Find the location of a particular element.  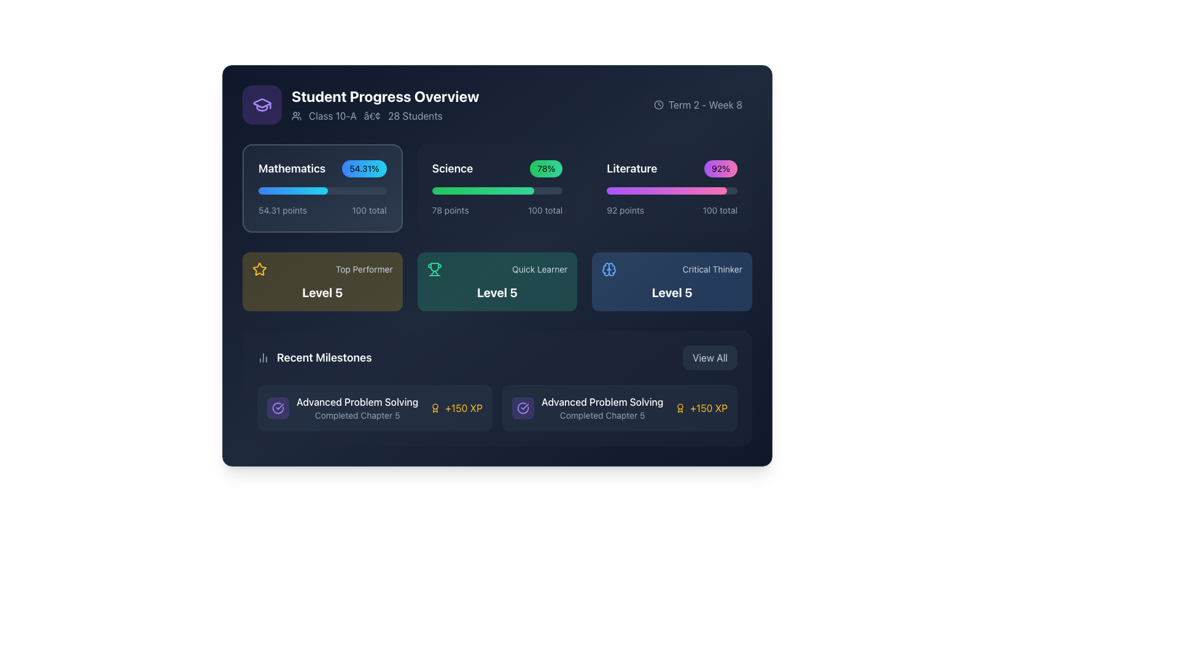

the SVG Icon representing education or student progress, located in the upper-left corner adjacent to the title 'Student Progress Overview' is located at coordinates (262, 104).